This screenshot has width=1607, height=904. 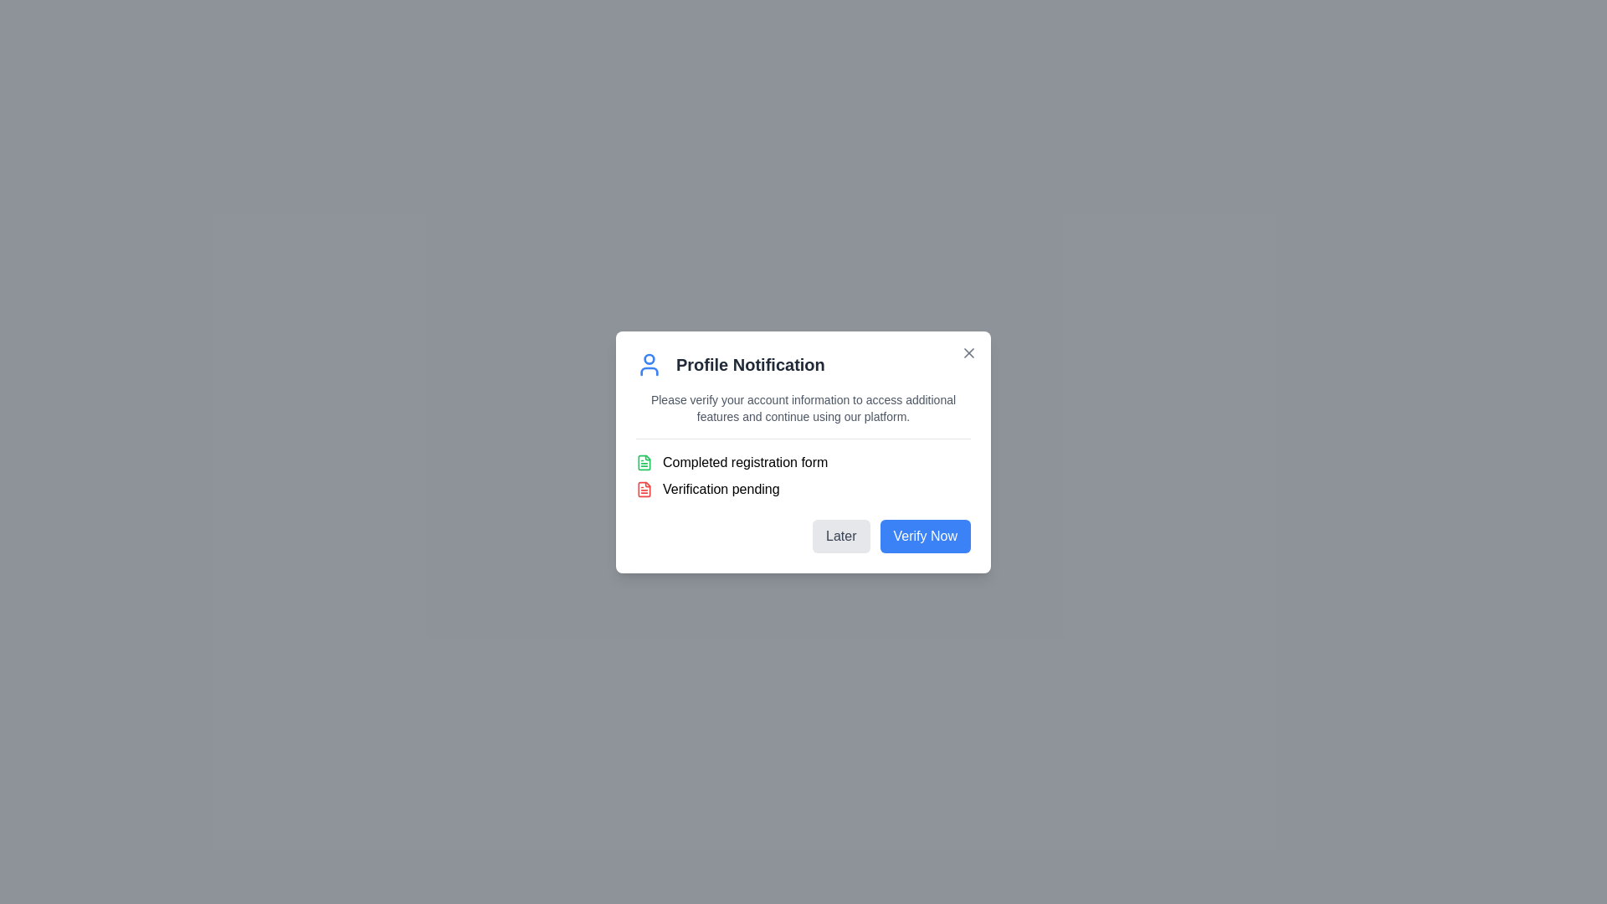 What do you see at coordinates (649, 357) in the screenshot?
I see `the user profile icon representing the head of a person in the top left corner of the 'Profile Notification' dialog box` at bounding box center [649, 357].